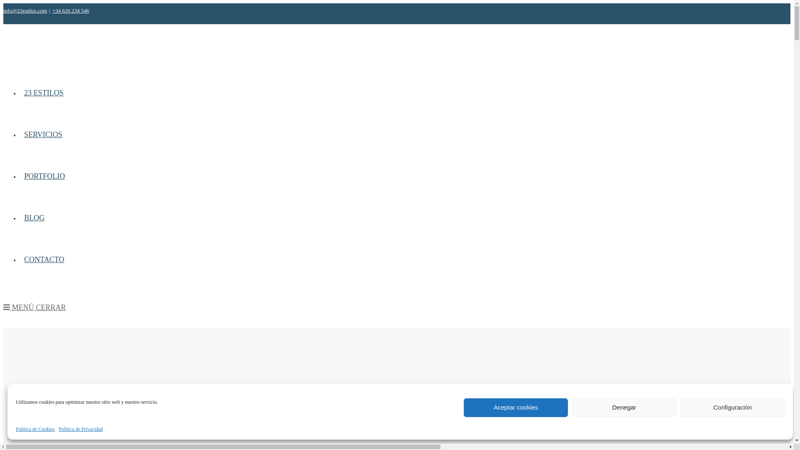  Describe the element at coordinates (70, 10) in the screenshot. I see `'+34 626 234 546'` at that location.